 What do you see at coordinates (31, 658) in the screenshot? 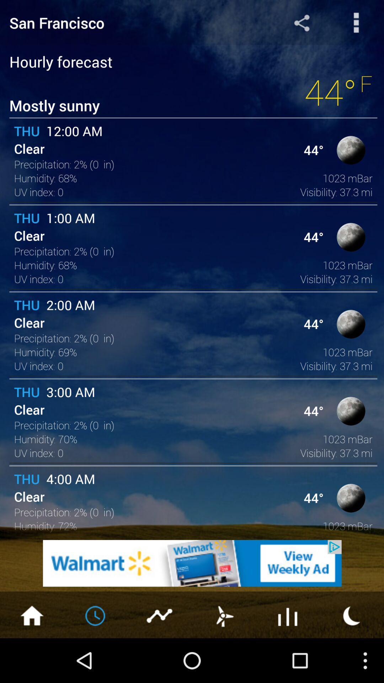
I see `the home icon` at bounding box center [31, 658].